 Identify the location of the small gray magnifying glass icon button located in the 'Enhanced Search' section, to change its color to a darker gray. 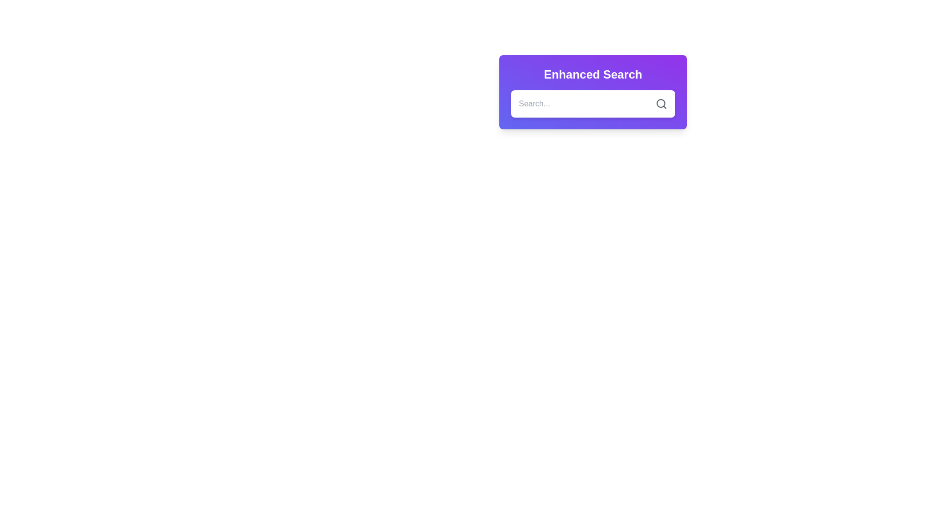
(661, 103).